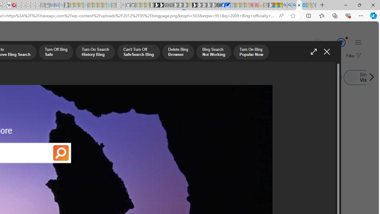 The height and width of the screenshot is (214, 380). I want to click on 'Wallet - Sleeping', so click(47, 5).